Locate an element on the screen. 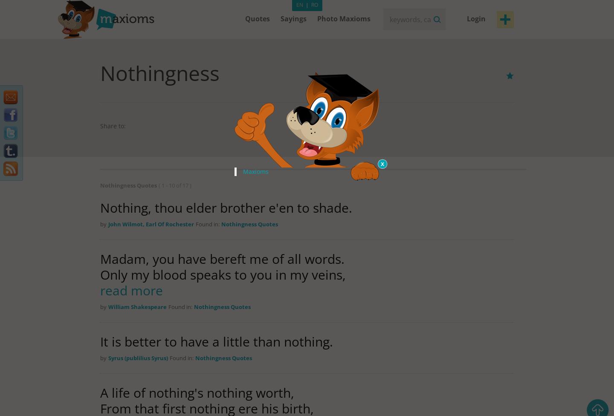 This screenshot has width=614, height=416. 'Madam, you have bereft me of all words.' is located at coordinates (222, 259).